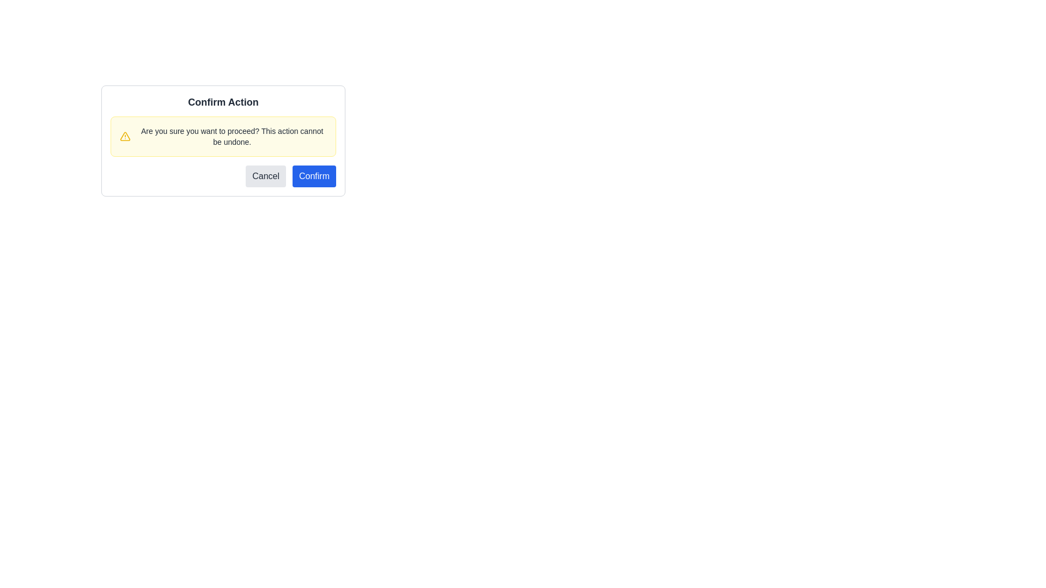  I want to click on the informational message box located below the 'Confirm Action' heading and above the Cancel and Confirm buttons in the modal dialogue box, so click(222, 136).